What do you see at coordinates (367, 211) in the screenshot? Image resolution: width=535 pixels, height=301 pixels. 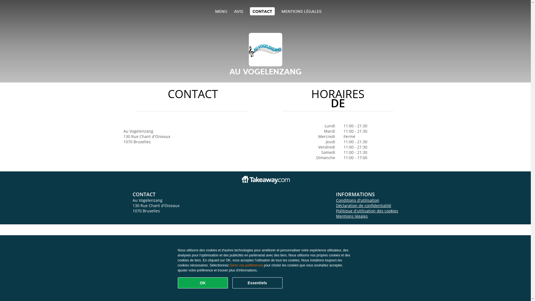 I see `'Politique d'utilisation des cookies'` at bounding box center [367, 211].